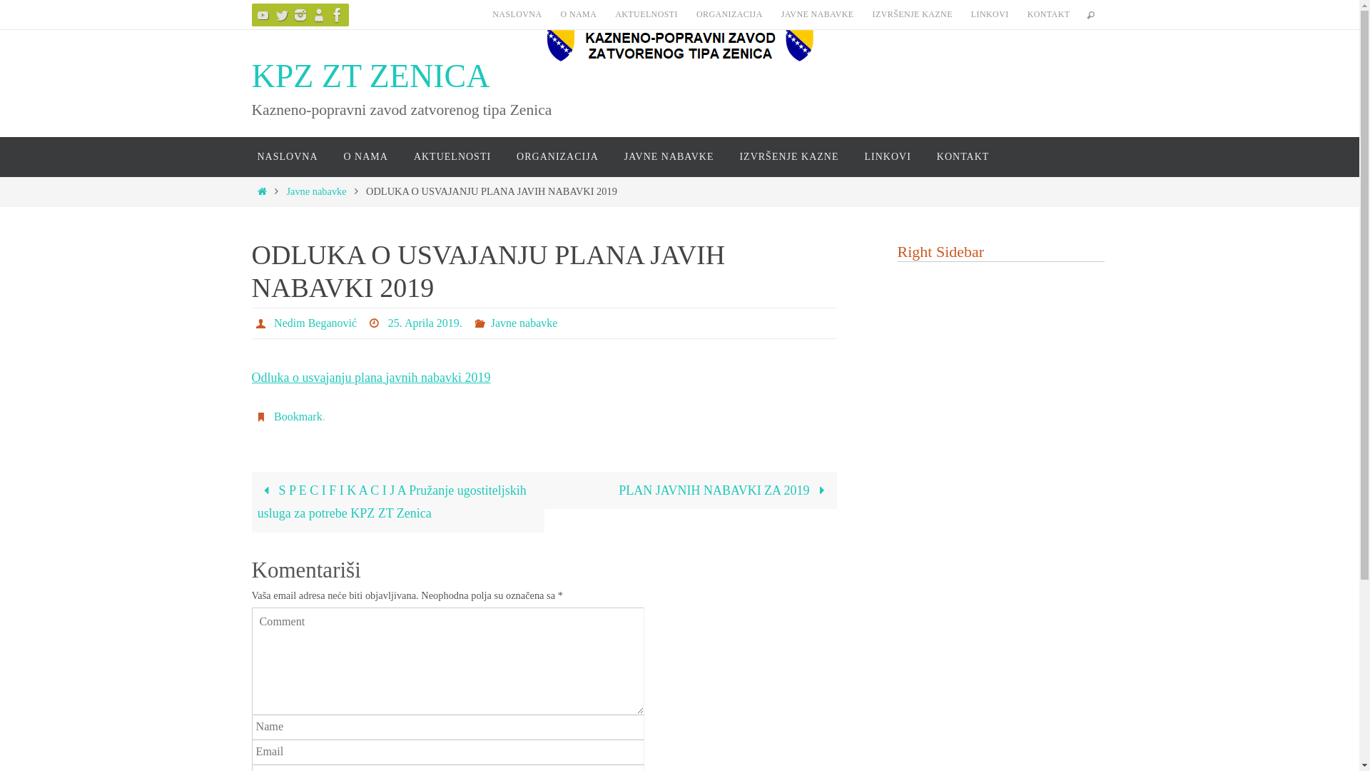 This screenshot has height=771, width=1370. I want to click on 'AboutMe', so click(318, 14).